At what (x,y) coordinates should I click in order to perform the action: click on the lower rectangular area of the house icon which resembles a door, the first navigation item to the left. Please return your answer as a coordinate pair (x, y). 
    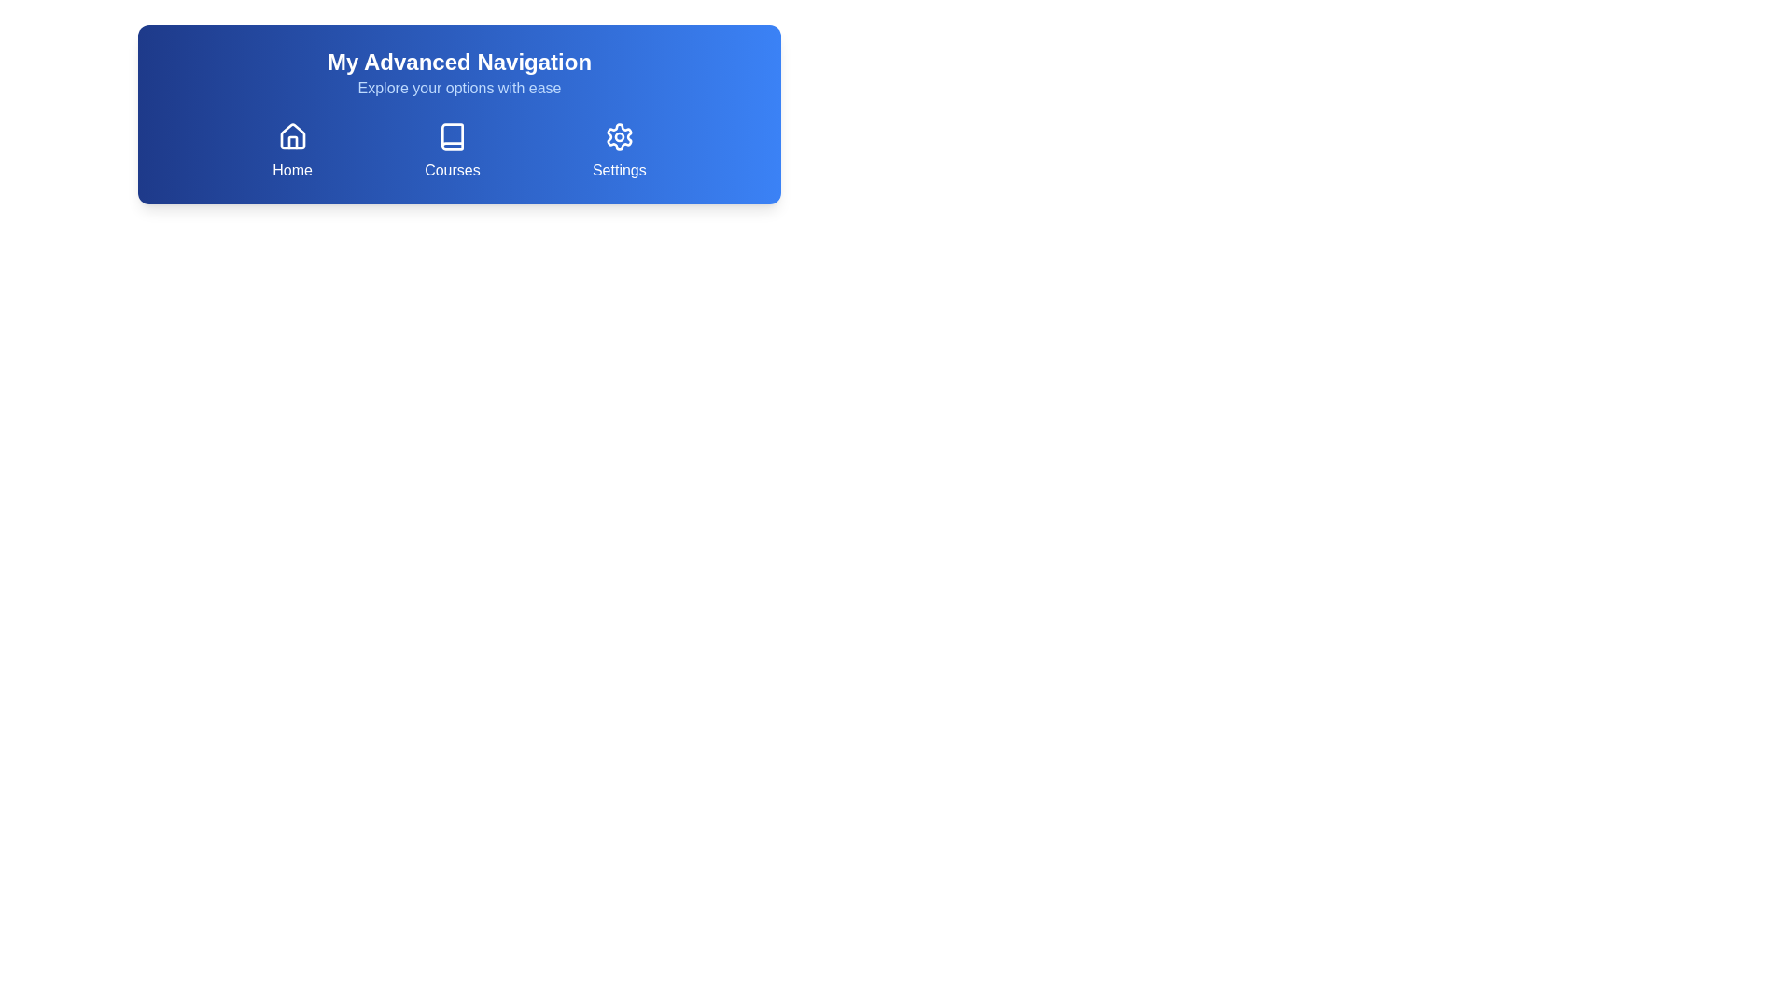
    Looking at the image, I should click on (291, 142).